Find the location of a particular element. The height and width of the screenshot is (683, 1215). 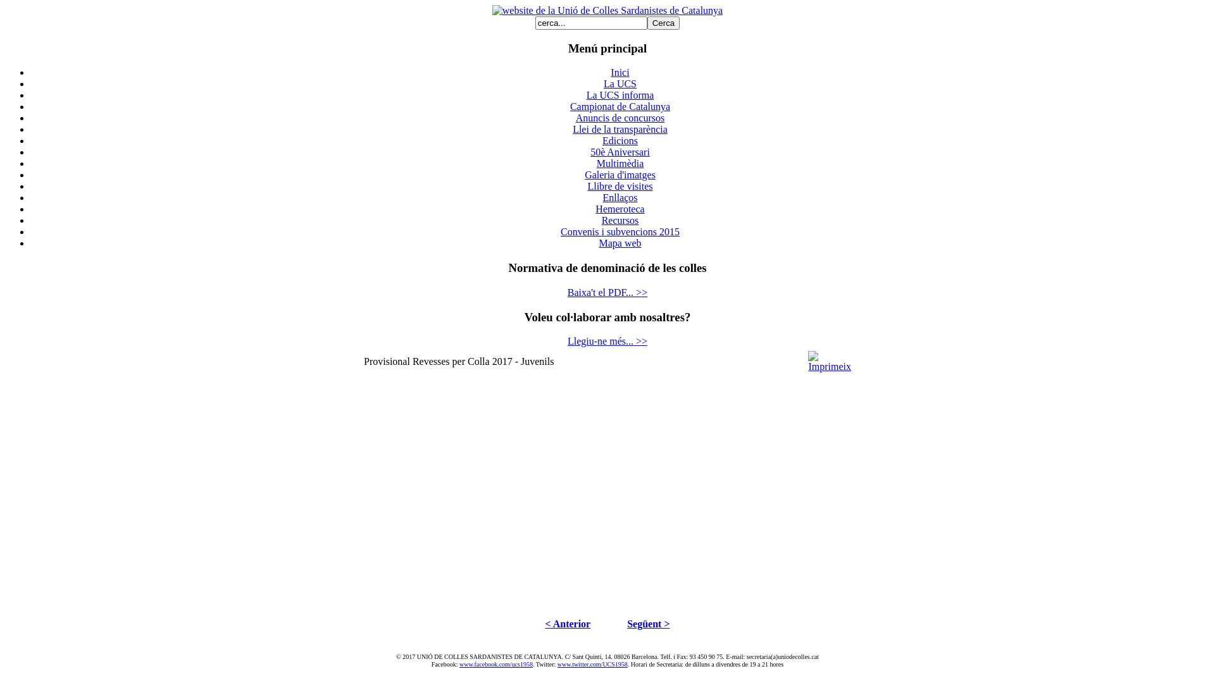

'www.facebook.com/ucs1958' is located at coordinates (495, 663).